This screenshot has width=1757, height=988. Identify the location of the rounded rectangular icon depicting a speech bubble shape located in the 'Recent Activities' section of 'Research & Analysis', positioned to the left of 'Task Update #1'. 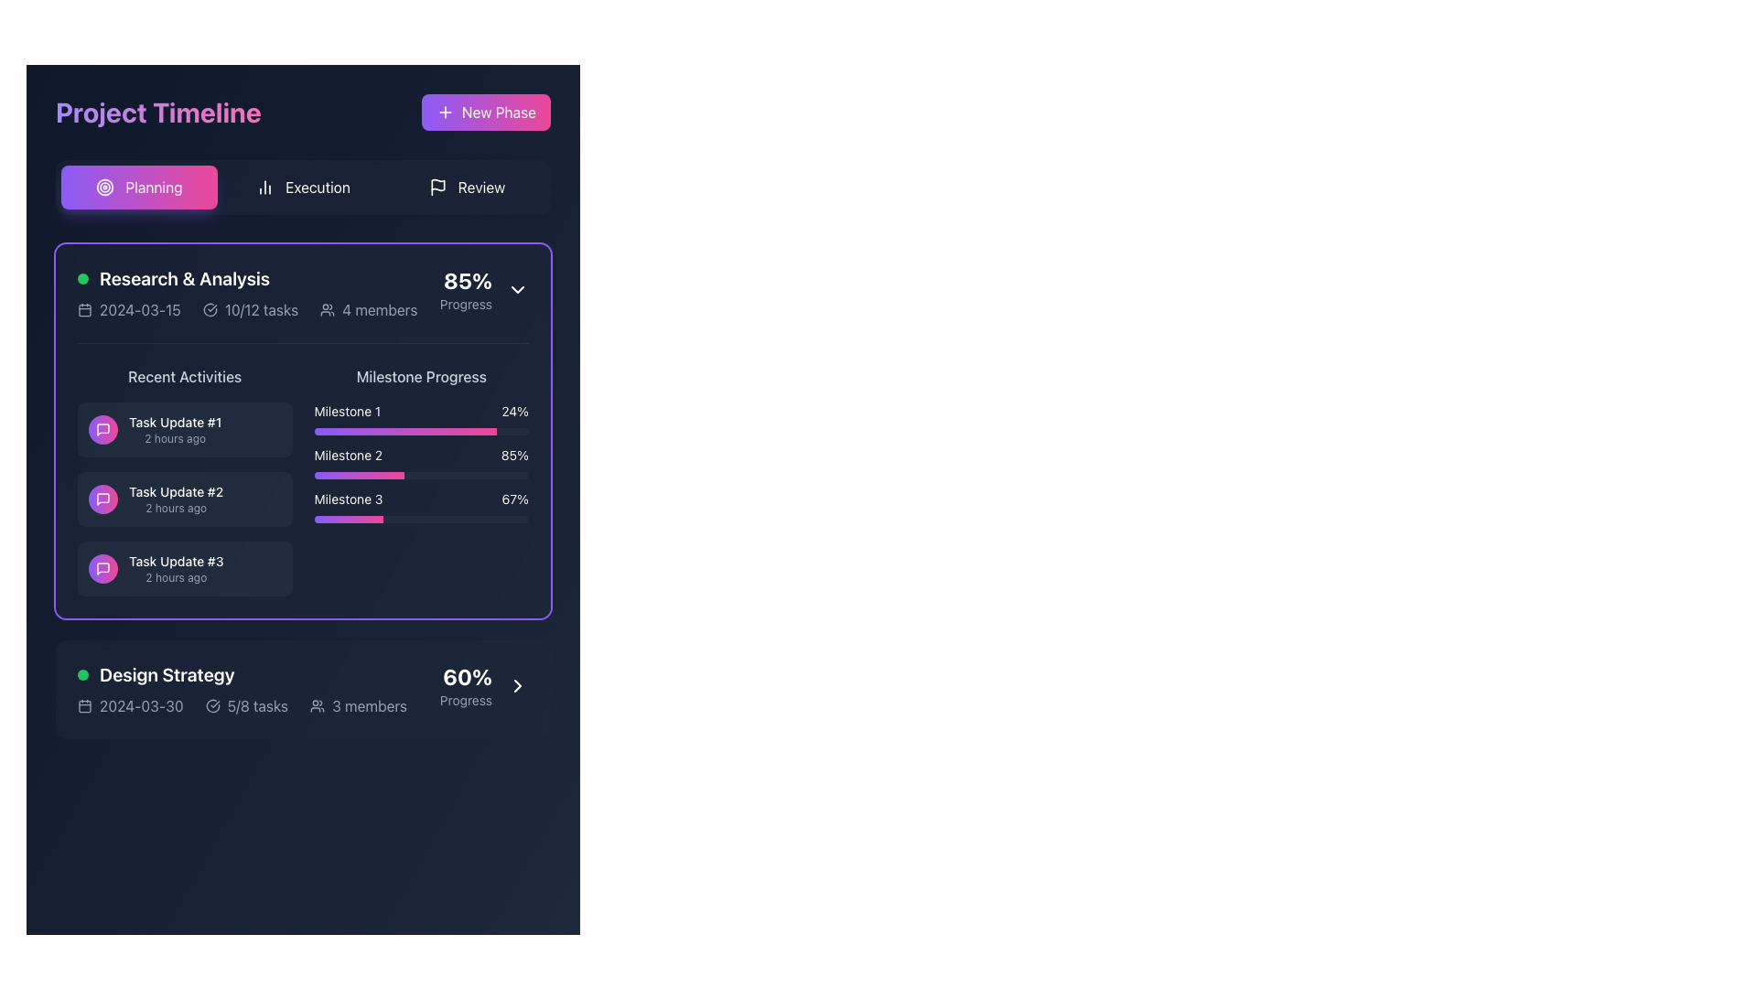
(102, 567).